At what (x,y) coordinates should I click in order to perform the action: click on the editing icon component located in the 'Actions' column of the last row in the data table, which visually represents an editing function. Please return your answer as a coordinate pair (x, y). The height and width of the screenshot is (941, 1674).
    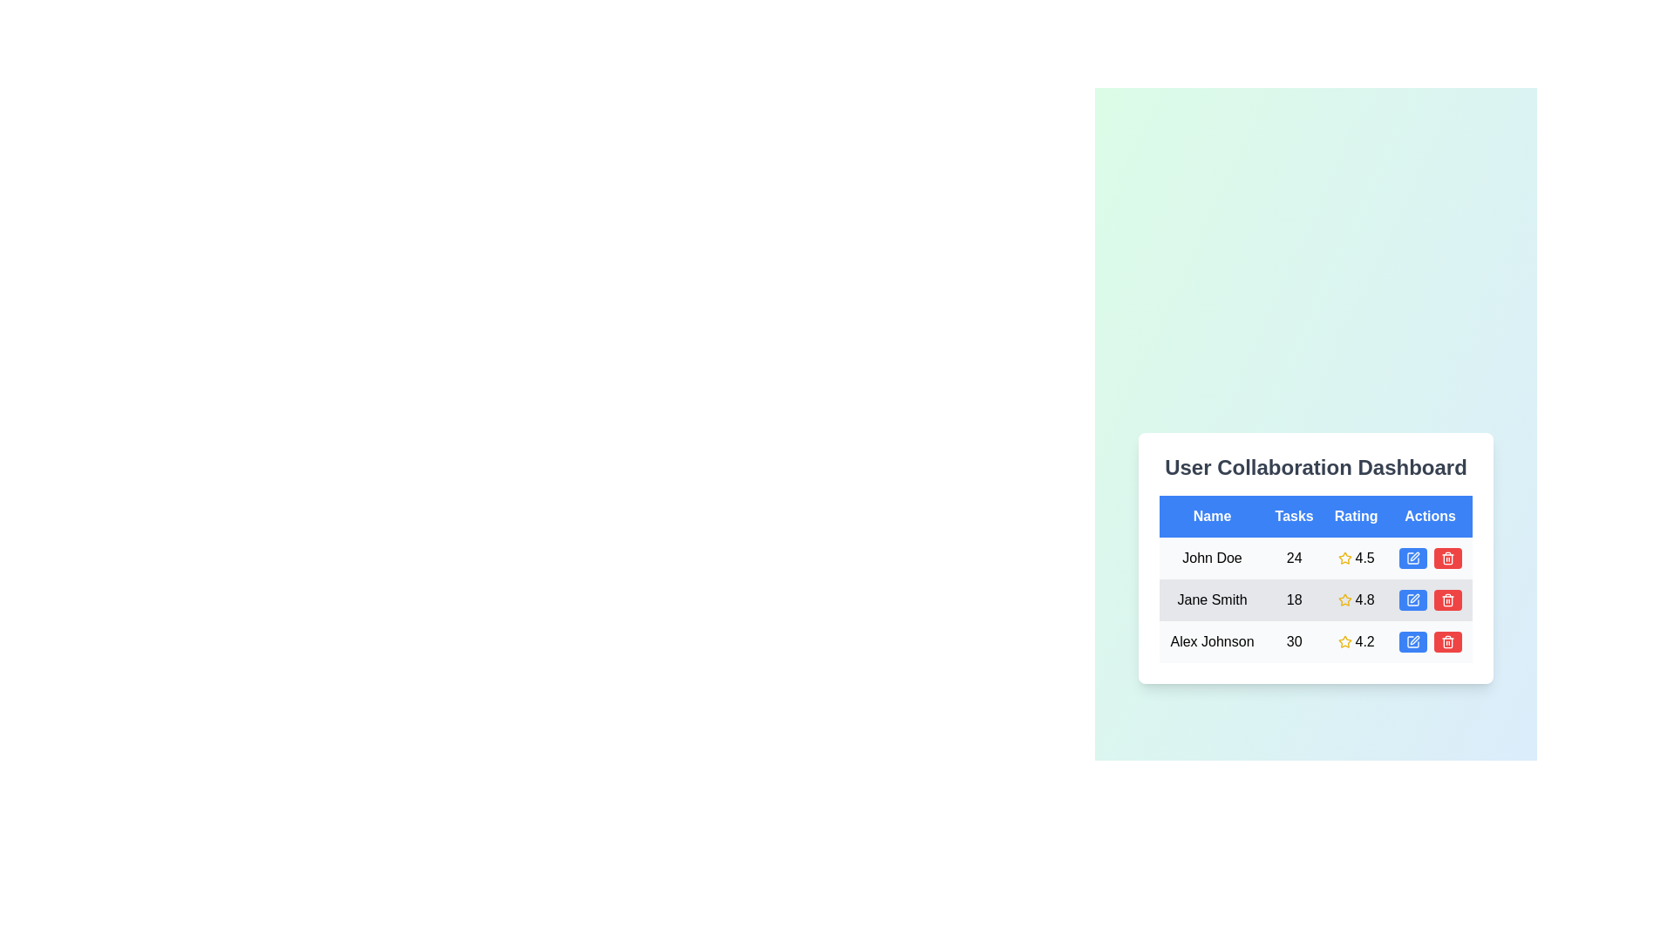
    Looking at the image, I should click on (1414, 640).